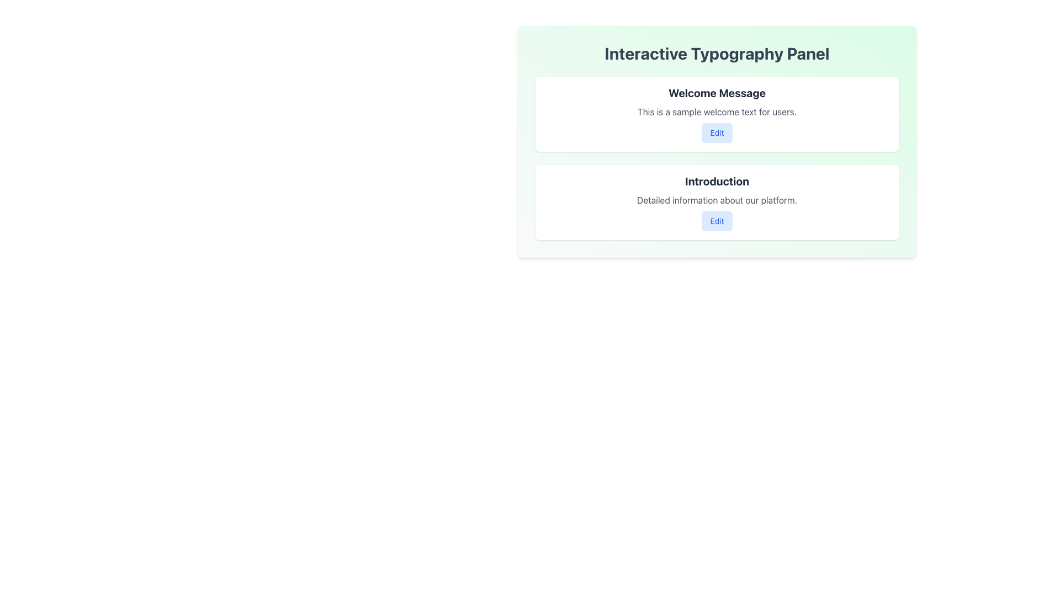 The image size is (1060, 596). Describe the element at coordinates (717, 200) in the screenshot. I see `the text block located in the lower section of the green panel under the 'Introduction' heading, which provides descriptive text about the section` at that location.